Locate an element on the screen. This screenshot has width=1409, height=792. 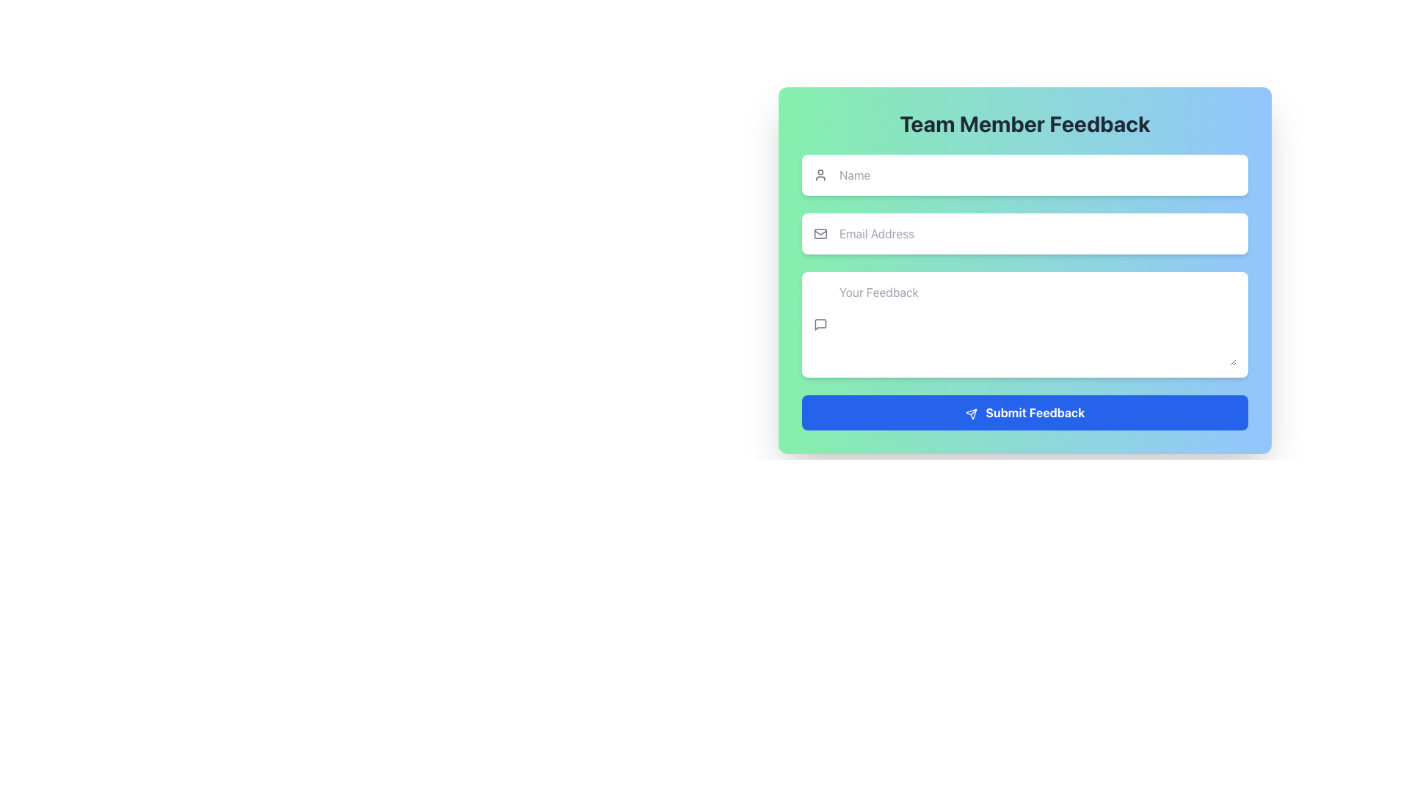
the chat or comment icon located at the top-left corner of the feedback text area under the 'Your Feedback' label is located at coordinates (820, 324).